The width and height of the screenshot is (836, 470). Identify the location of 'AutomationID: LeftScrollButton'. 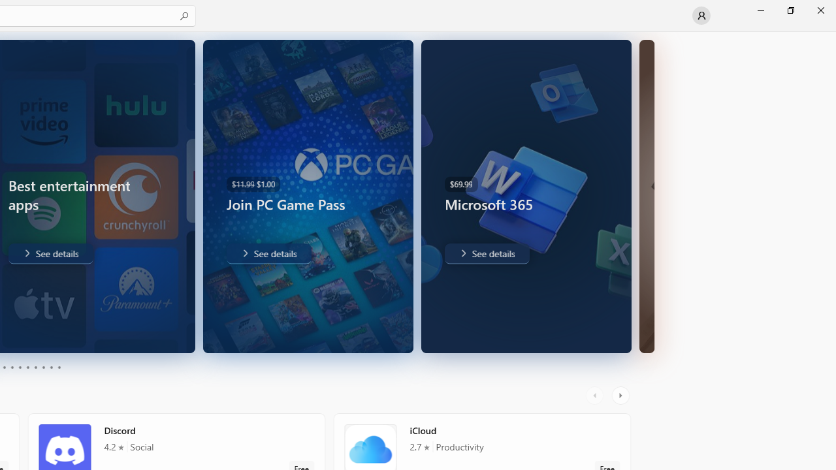
(596, 395).